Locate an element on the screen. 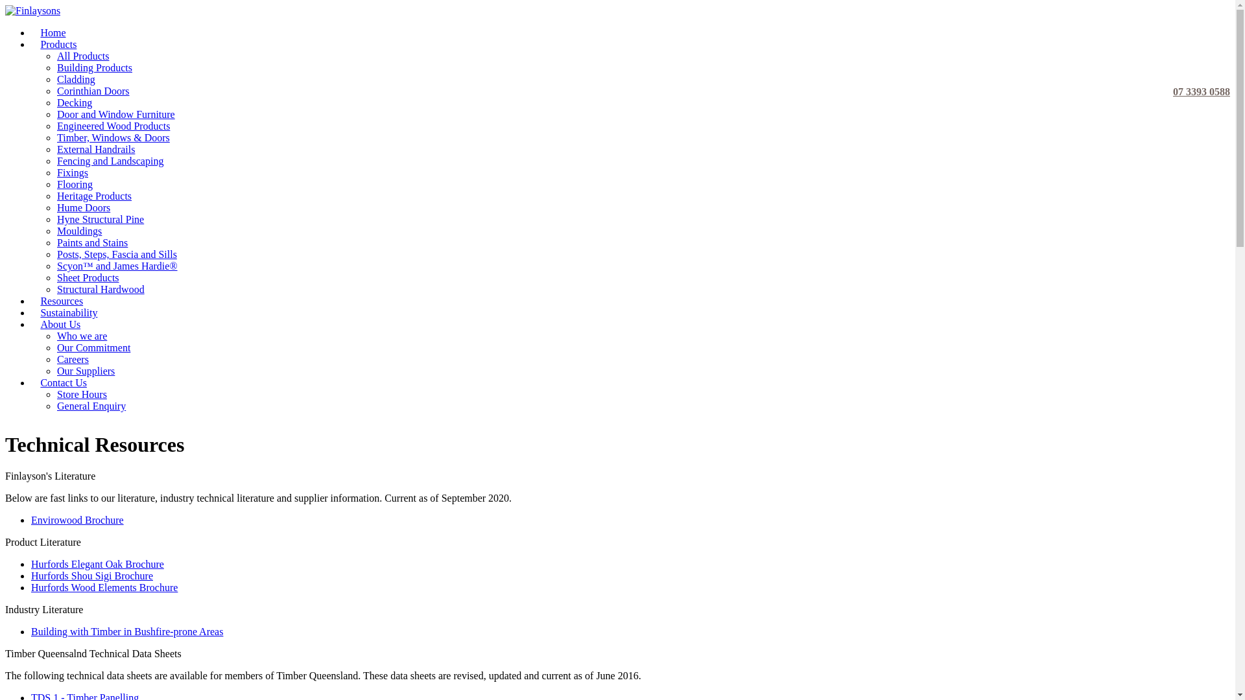  'Structural Hardwood' is located at coordinates (56, 288).